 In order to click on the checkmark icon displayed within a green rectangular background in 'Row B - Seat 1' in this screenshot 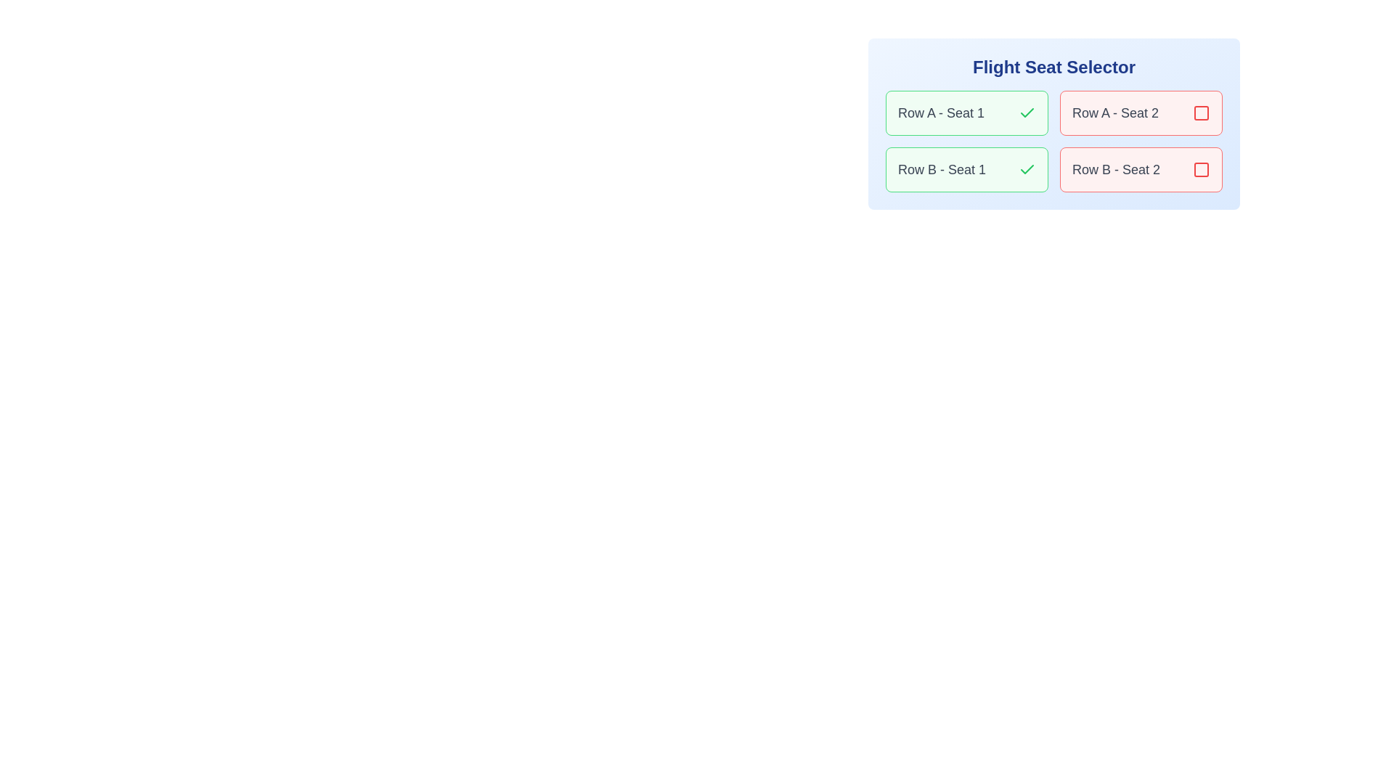, I will do `click(1027, 169)`.